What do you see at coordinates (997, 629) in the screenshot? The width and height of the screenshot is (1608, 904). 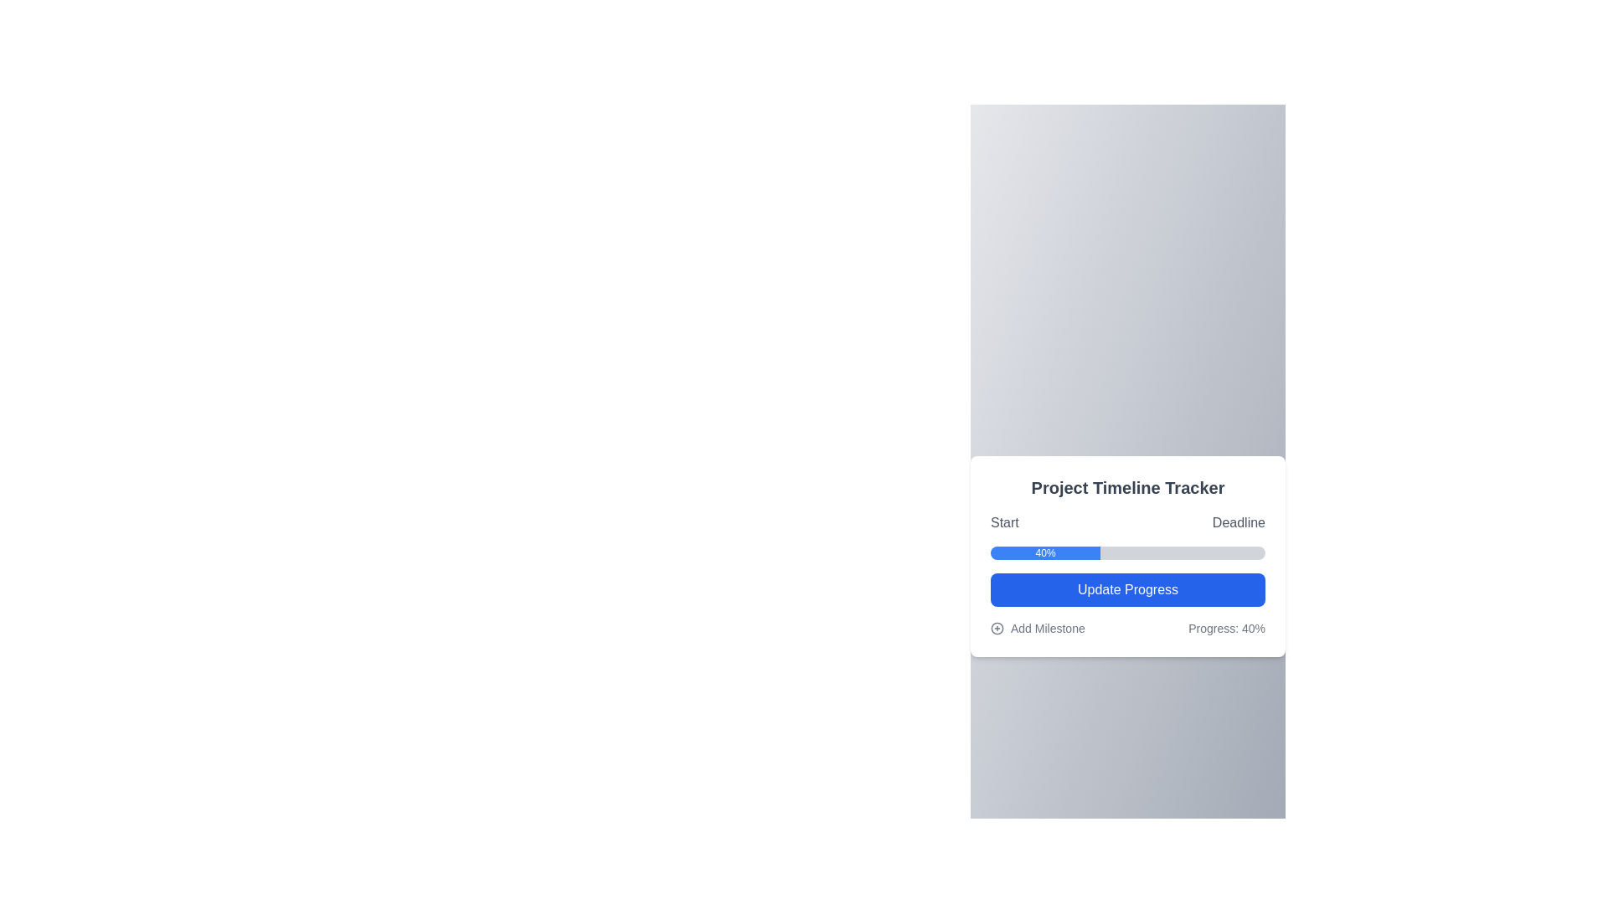 I see `the Circular SVG graphic element which represents a circular shape and is located adjacent to the 'Add Milestone' text` at bounding box center [997, 629].